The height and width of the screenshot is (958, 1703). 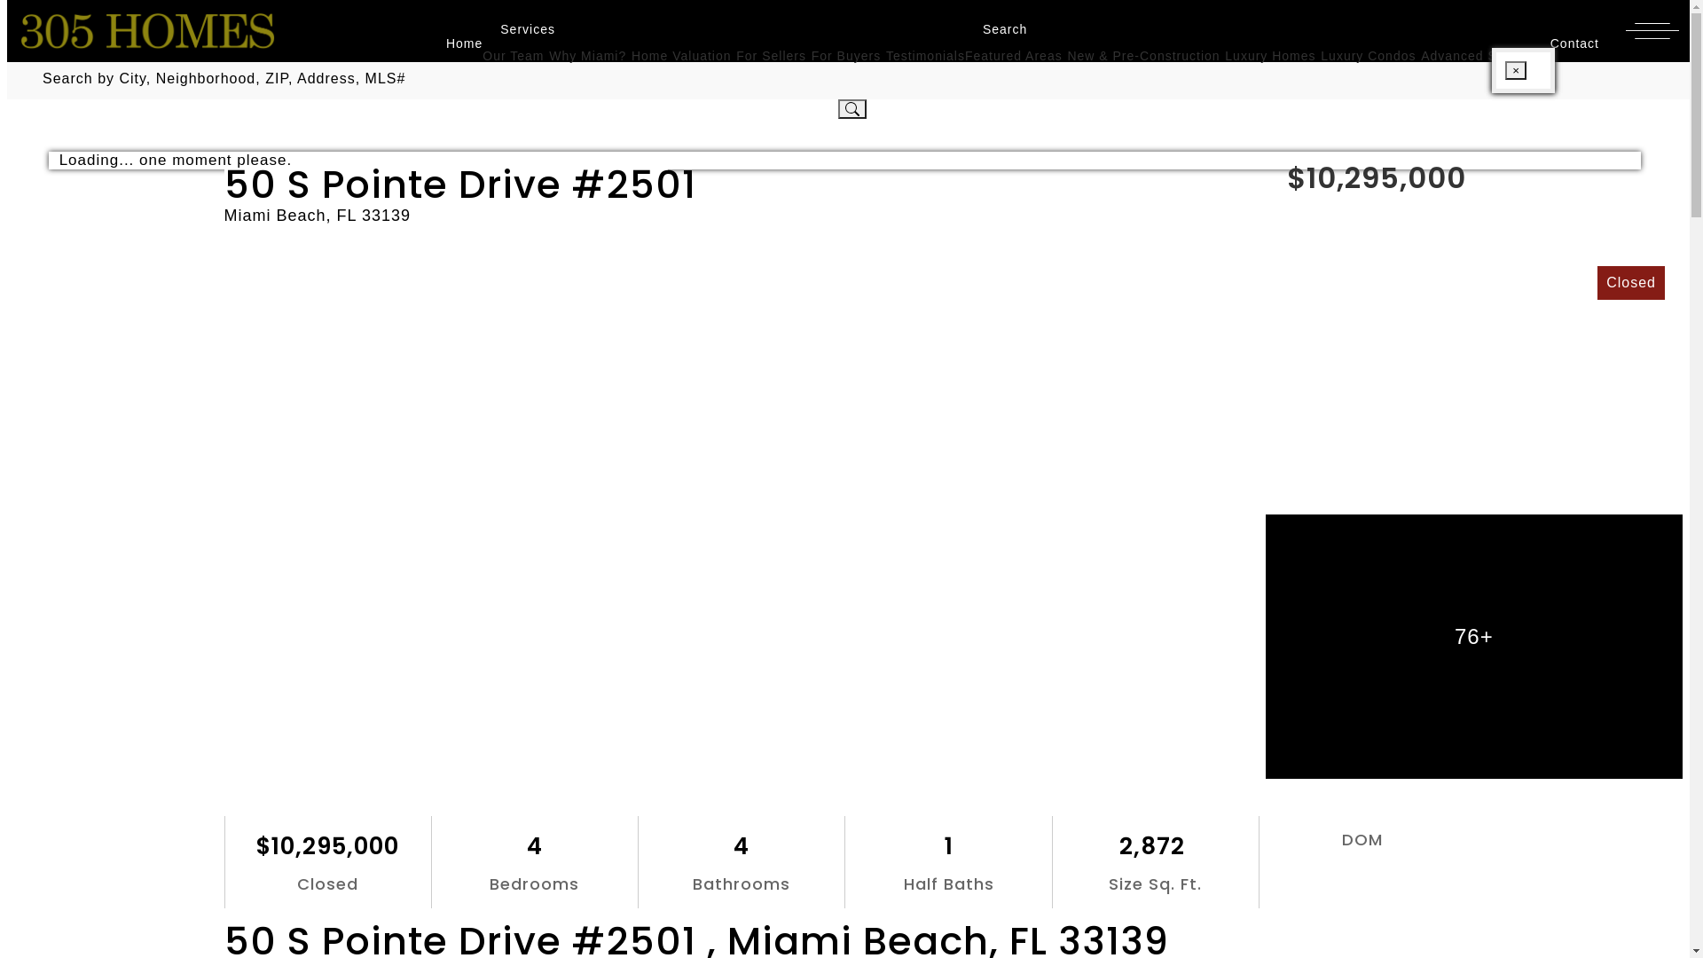 What do you see at coordinates (631, 54) in the screenshot?
I see `'Home Valuation'` at bounding box center [631, 54].